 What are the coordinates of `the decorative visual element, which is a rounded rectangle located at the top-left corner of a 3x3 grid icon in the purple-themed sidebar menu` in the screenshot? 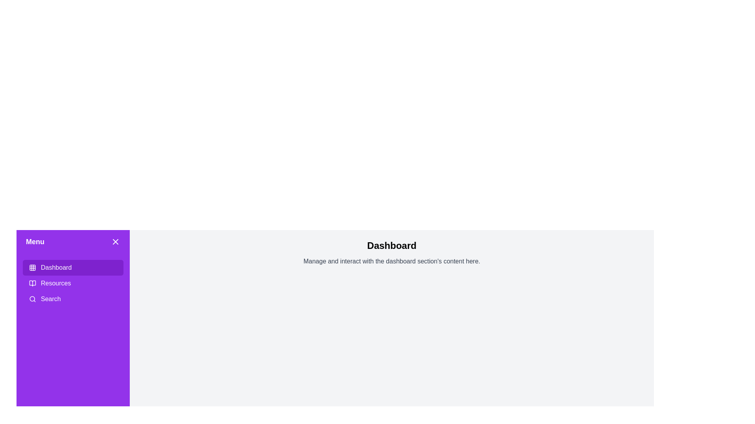 It's located at (32, 267).